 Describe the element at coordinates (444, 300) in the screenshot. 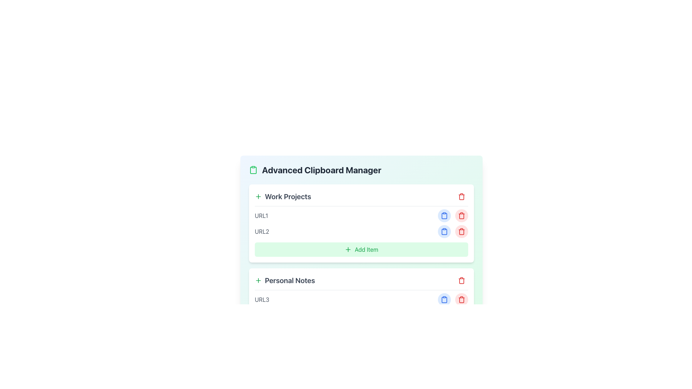

I see `the circular blue button with a clipboard icon to copy content` at that location.